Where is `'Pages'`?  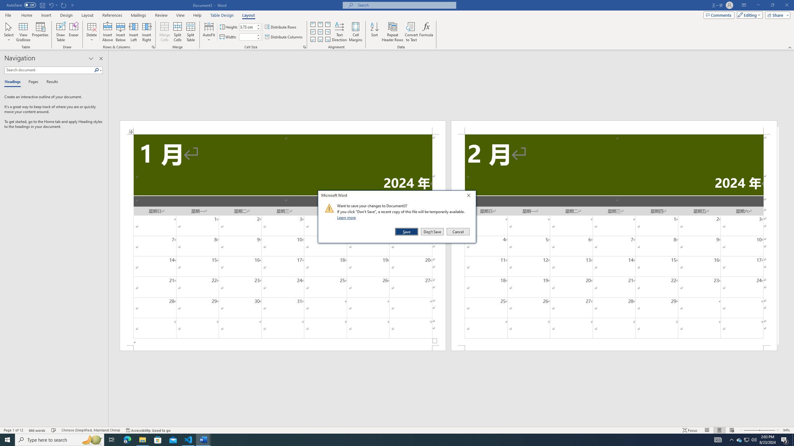
'Pages' is located at coordinates (32, 82).